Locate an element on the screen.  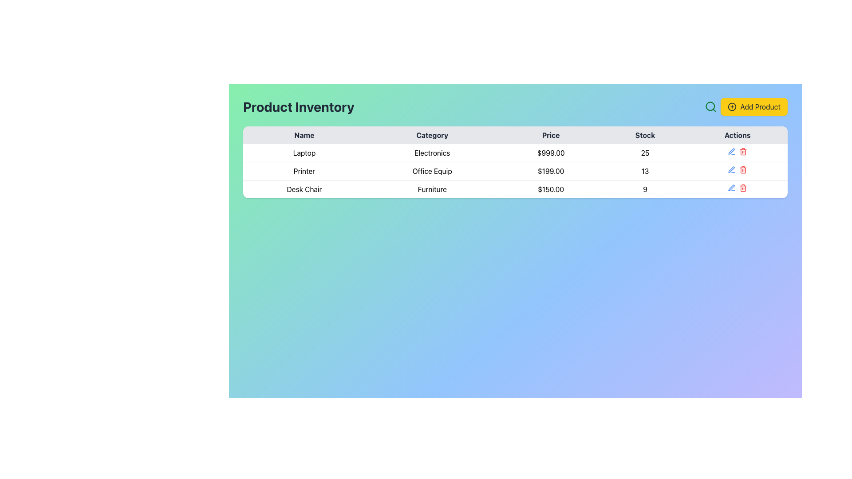
the icon on the left side of the 'Add Product' button is located at coordinates (732, 106).